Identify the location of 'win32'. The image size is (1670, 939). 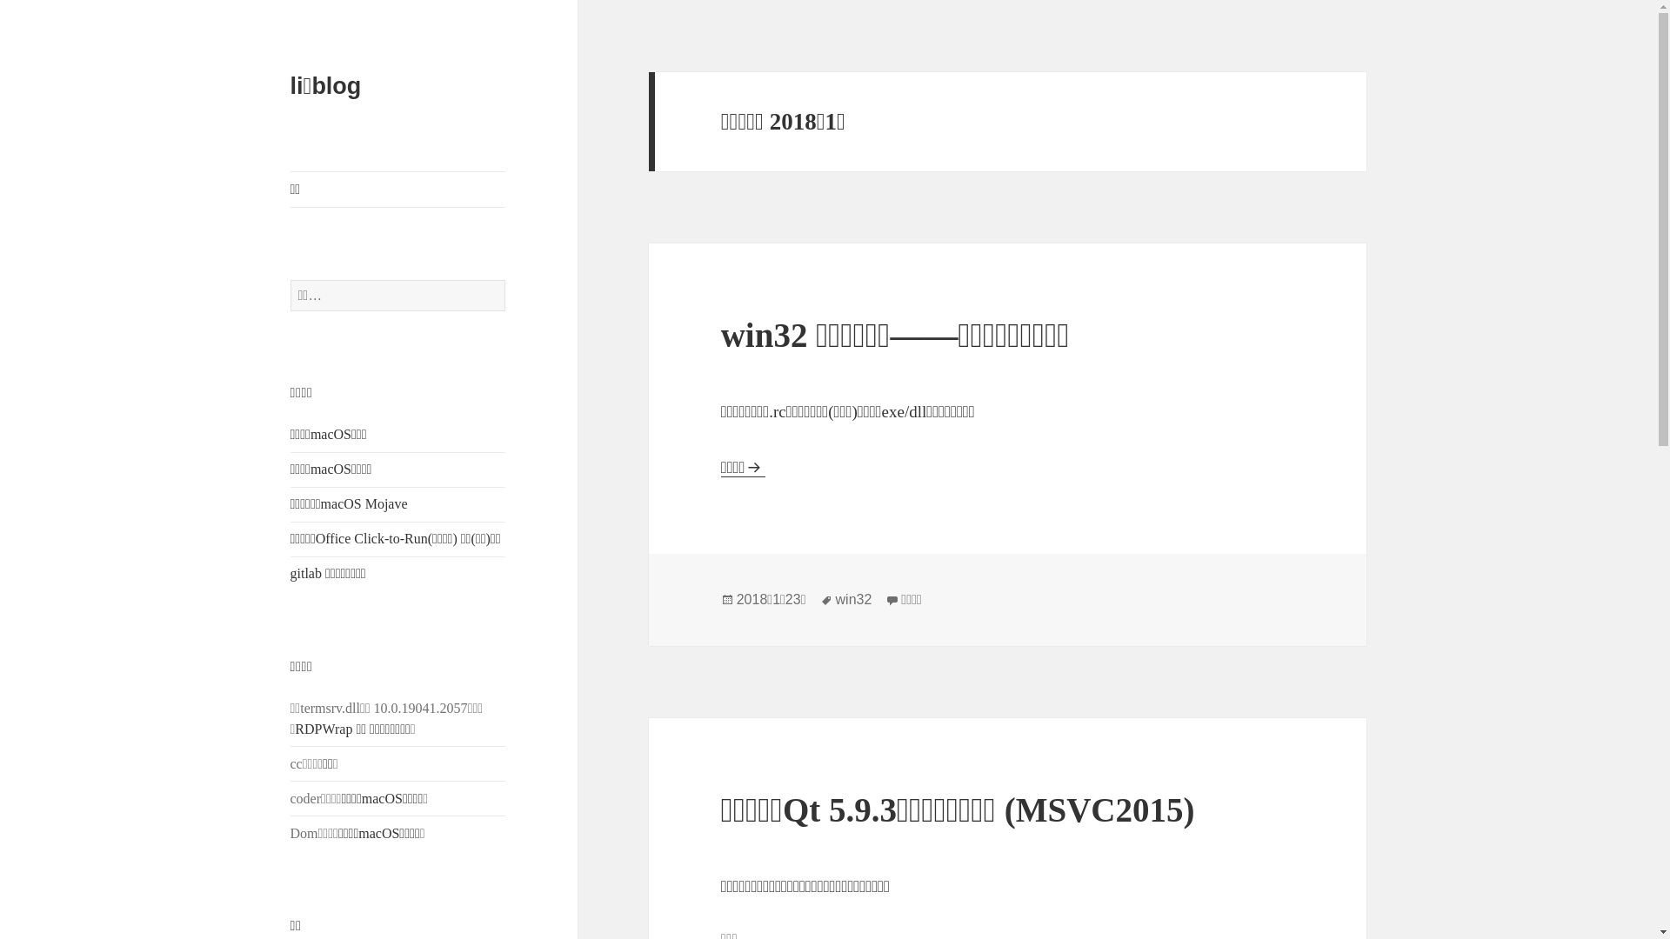
(854, 599).